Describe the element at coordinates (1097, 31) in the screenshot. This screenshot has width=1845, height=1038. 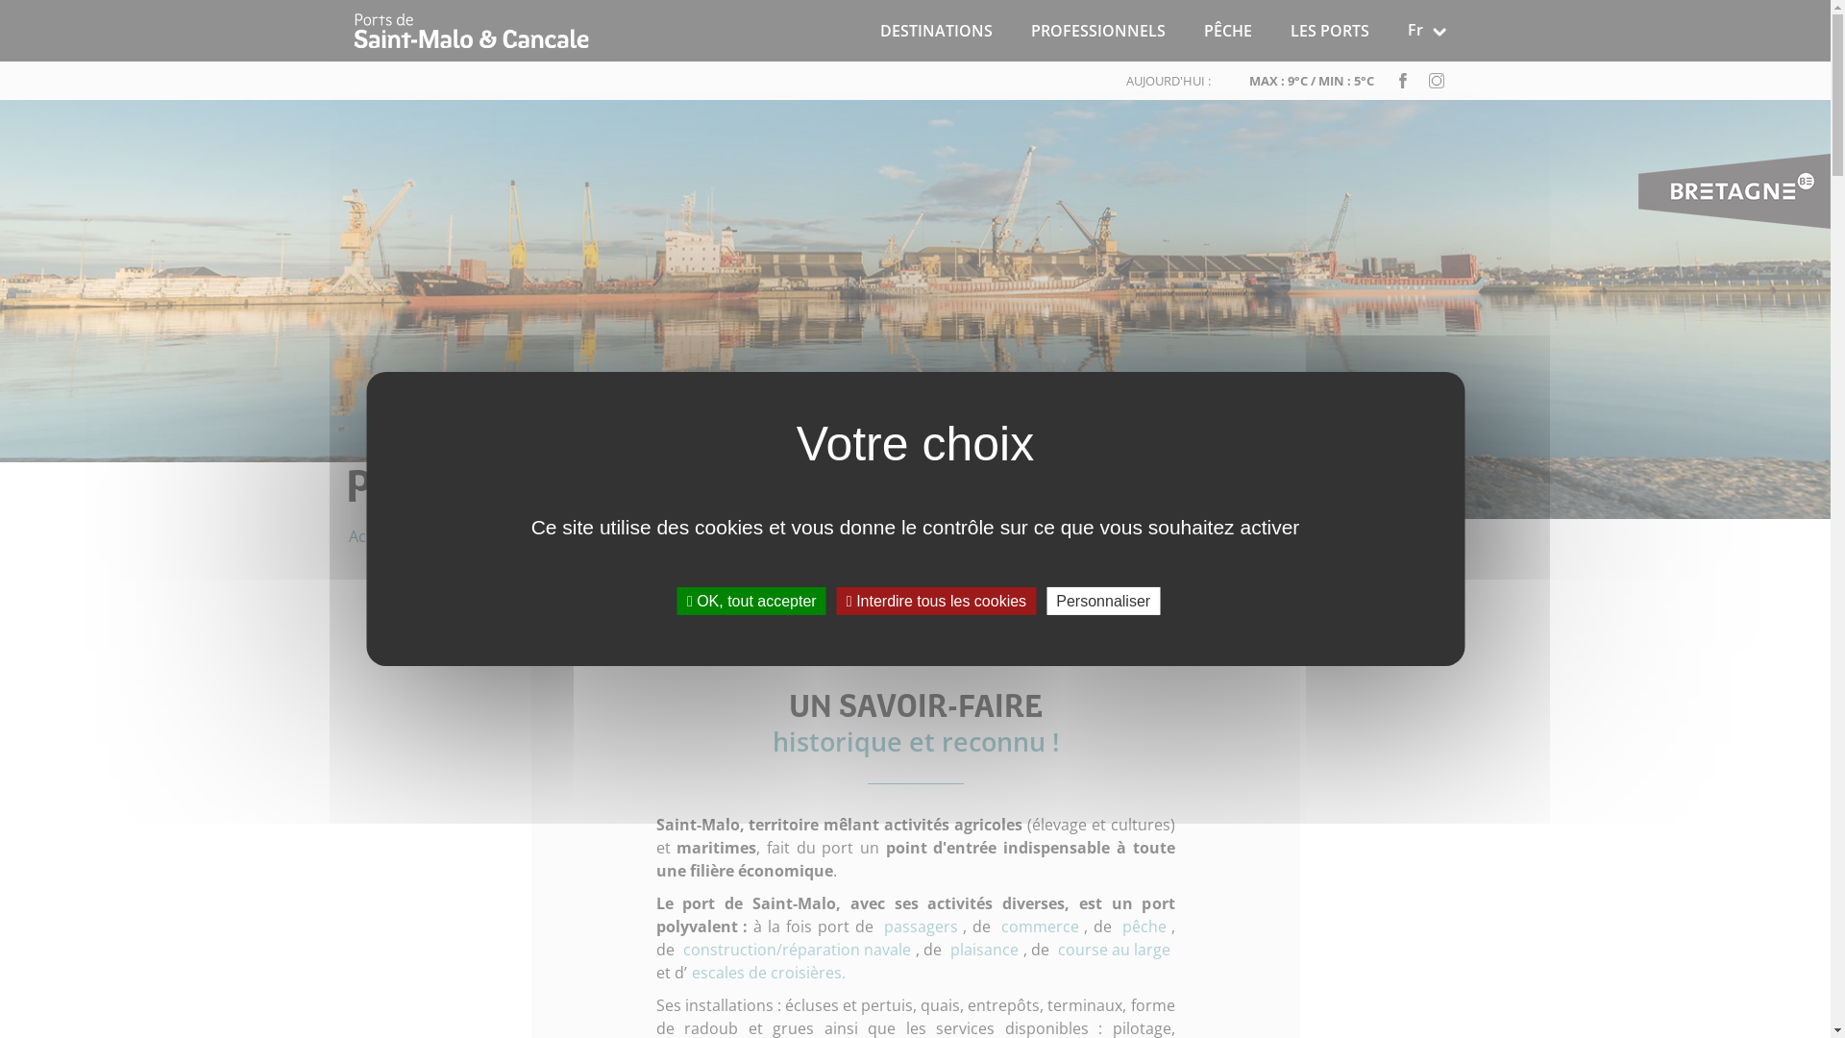
I see `'PROFESSIONNELS'` at that location.